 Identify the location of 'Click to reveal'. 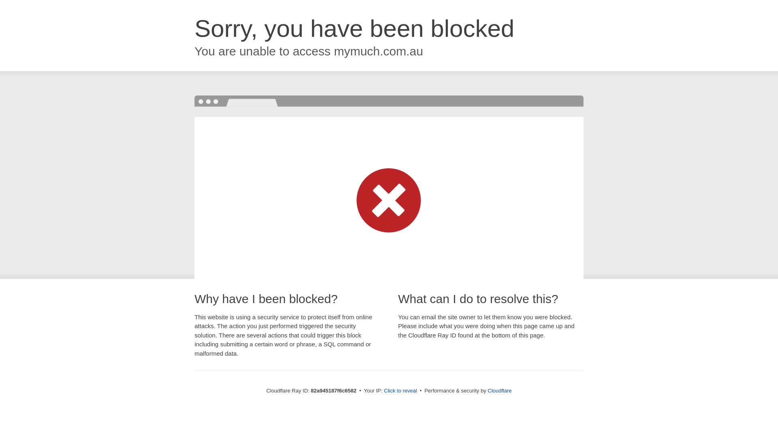
(400, 390).